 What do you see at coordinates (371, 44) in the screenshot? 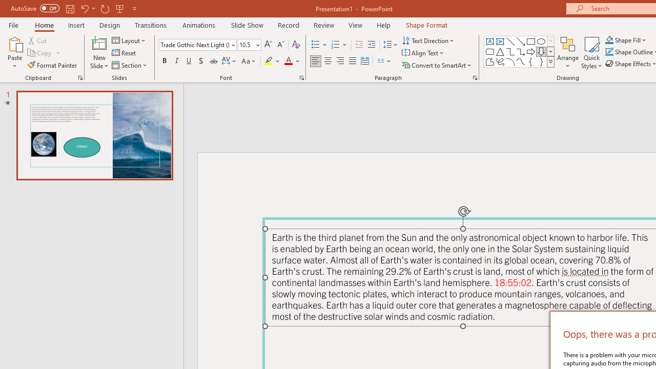
I see `'Increase Indent'` at bounding box center [371, 44].